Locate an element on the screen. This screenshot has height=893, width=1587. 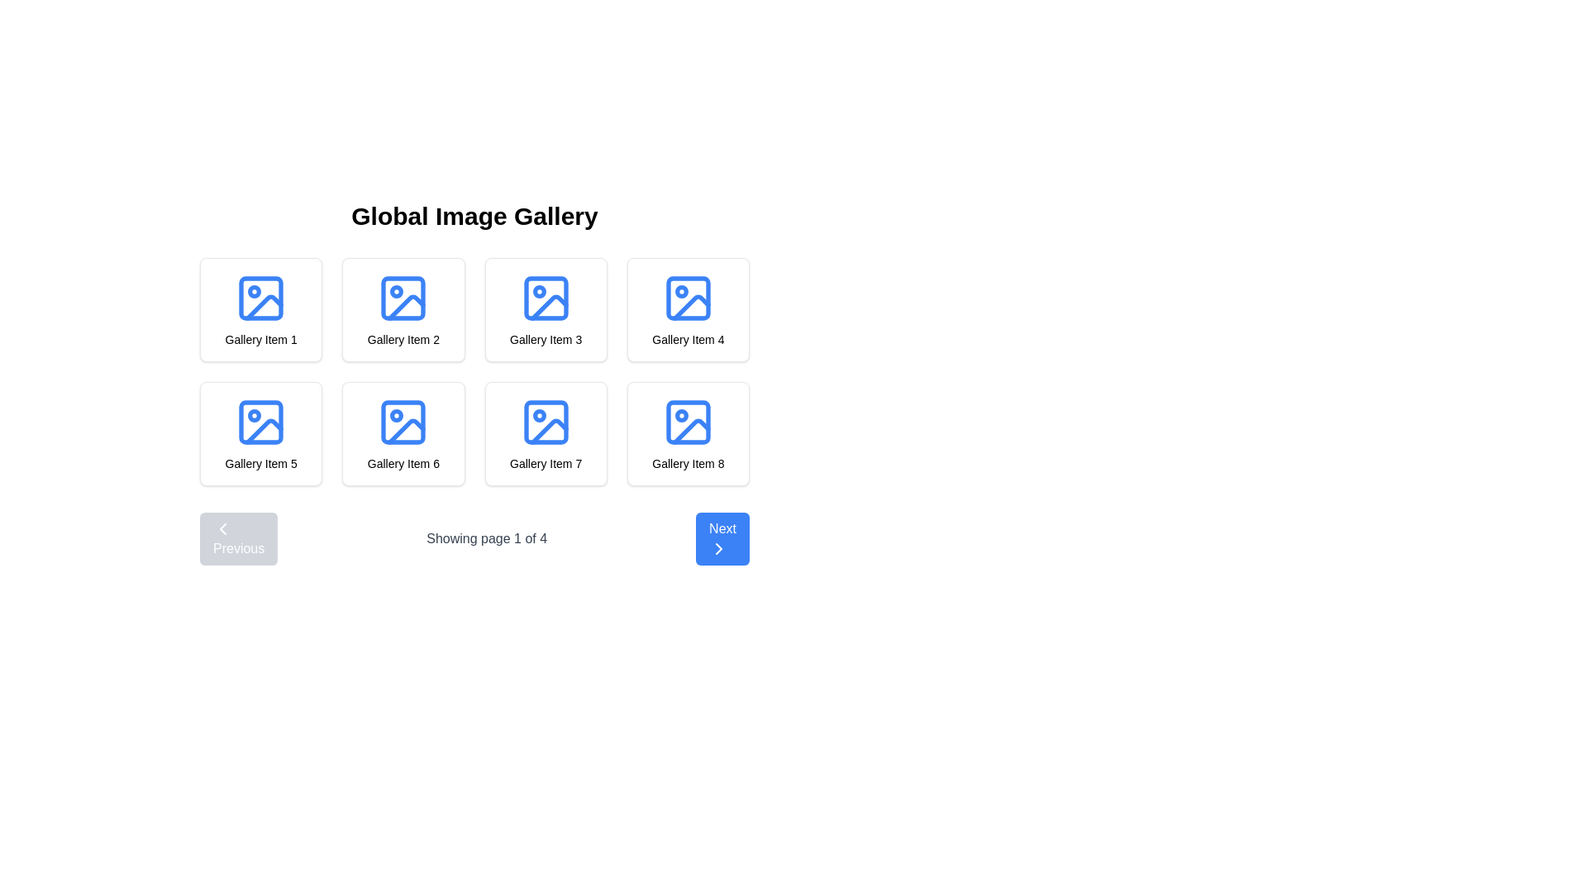
the navigation button located to the far right of the text 'Showing page 1 of 4' is located at coordinates (722, 538).